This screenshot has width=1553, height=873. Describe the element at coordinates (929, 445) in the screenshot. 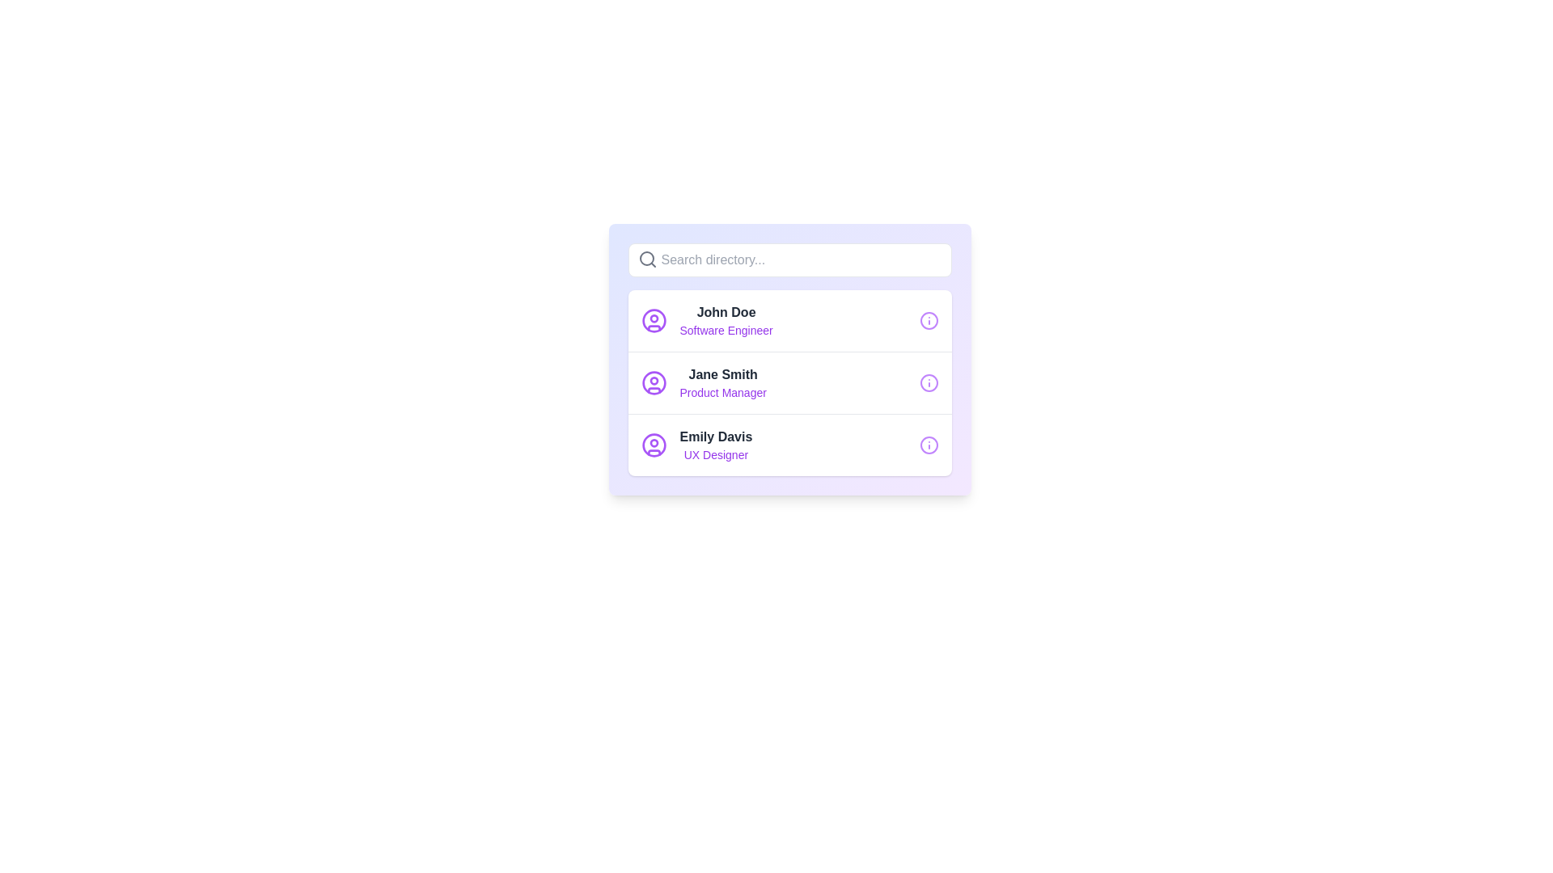

I see `the info icon with a purple circular outline located to the right of 'UX Designer' in the profile entry for 'Emily Davis - UX Designer'` at that location.